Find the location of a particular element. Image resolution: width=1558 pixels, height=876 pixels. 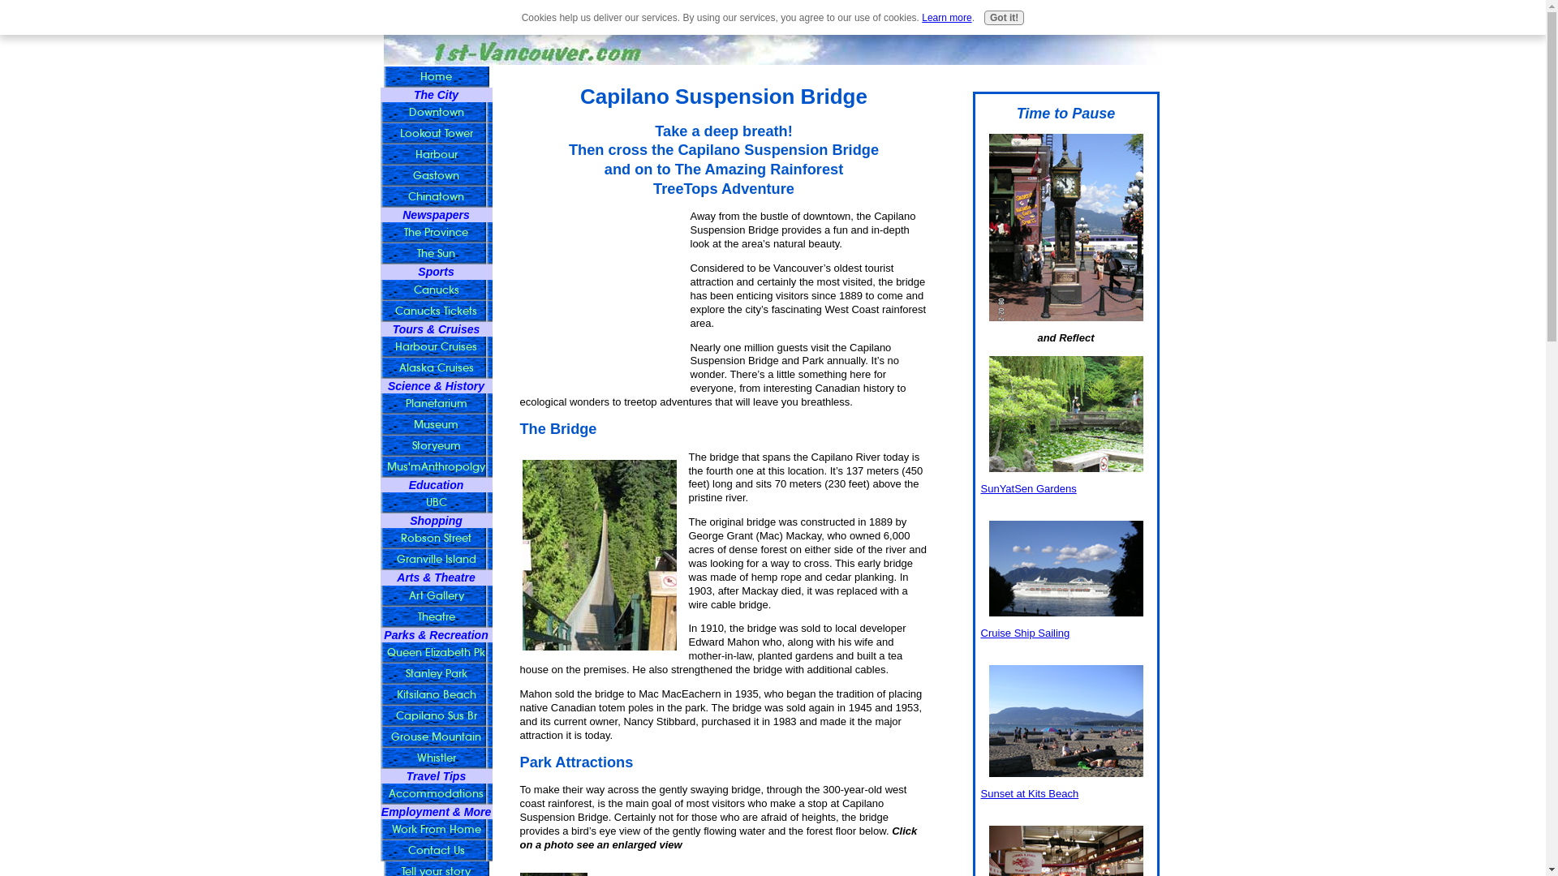

'Work From Home' is located at coordinates (436, 829).